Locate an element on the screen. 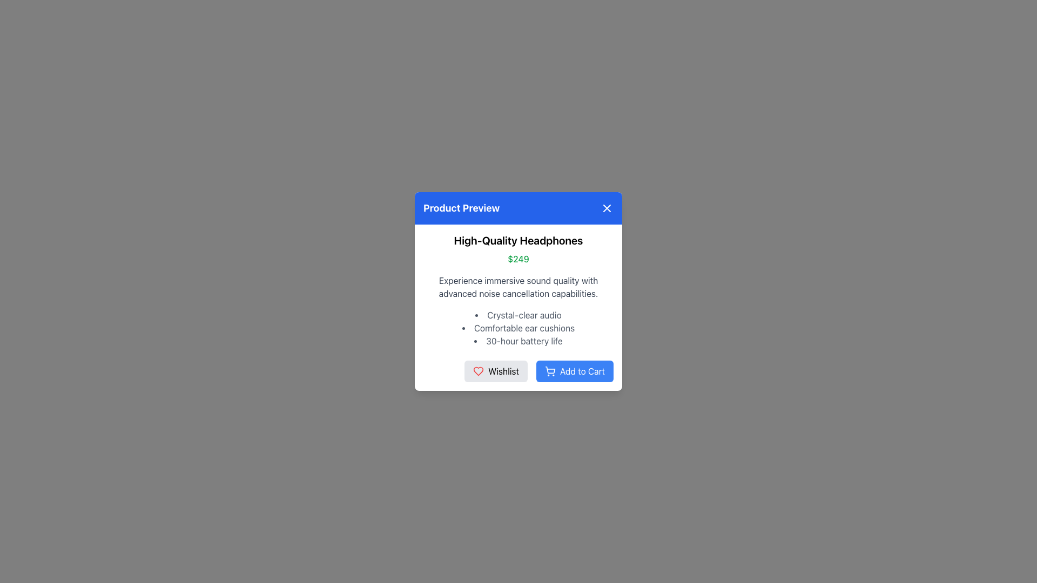 This screenshot has width=1037, height=583. the red heart-shaped icon within the 'Wishlist' button, located below the main content of the pop-up modal is located at coordinates (478, 370).